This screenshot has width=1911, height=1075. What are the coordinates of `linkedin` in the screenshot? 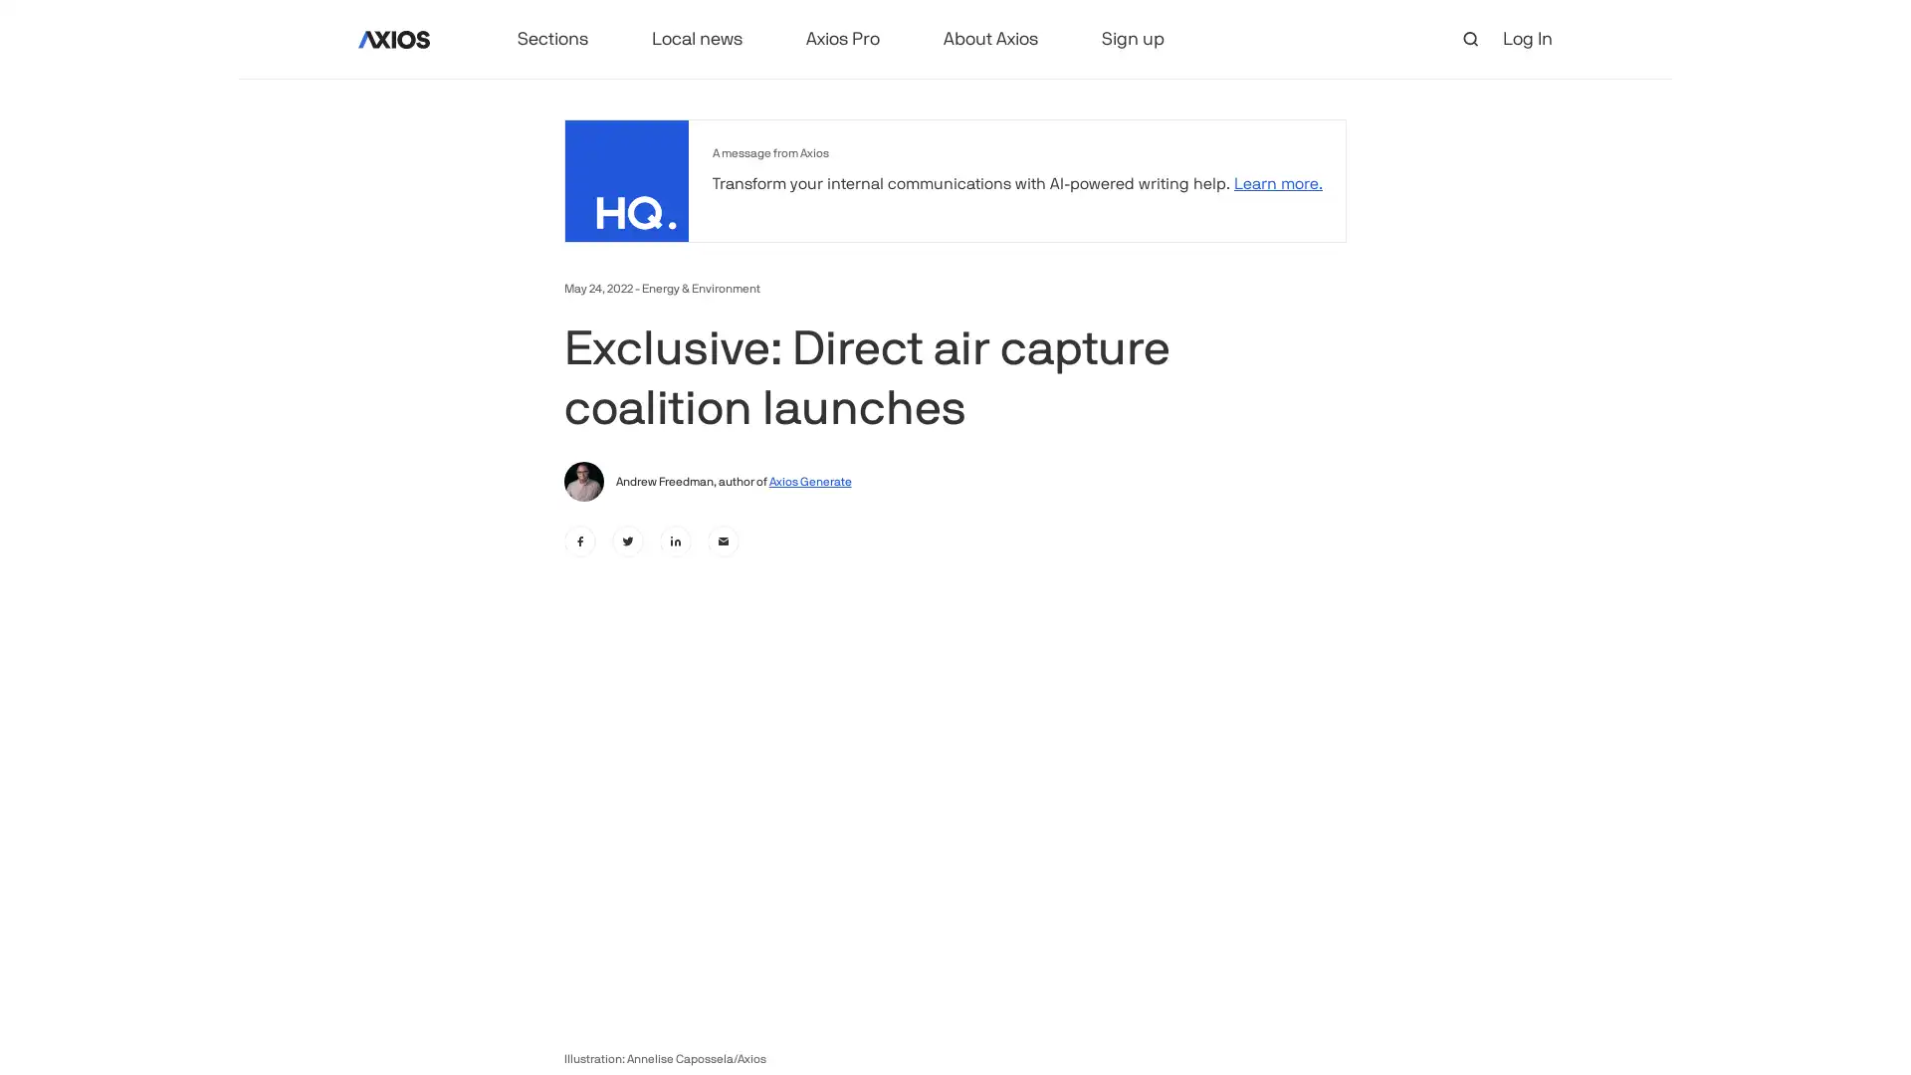 It's located at (674, 540).